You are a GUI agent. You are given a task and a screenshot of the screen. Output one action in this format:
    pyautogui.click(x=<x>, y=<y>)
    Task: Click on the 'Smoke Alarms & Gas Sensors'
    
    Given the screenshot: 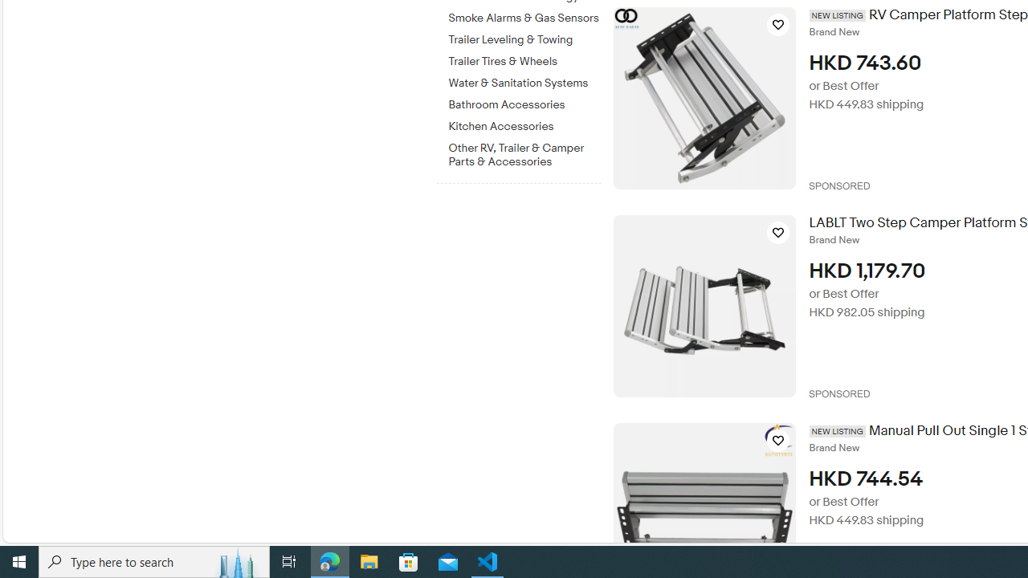 What is the action you would take?
    pyautogui.click(x=524, y=15)
    